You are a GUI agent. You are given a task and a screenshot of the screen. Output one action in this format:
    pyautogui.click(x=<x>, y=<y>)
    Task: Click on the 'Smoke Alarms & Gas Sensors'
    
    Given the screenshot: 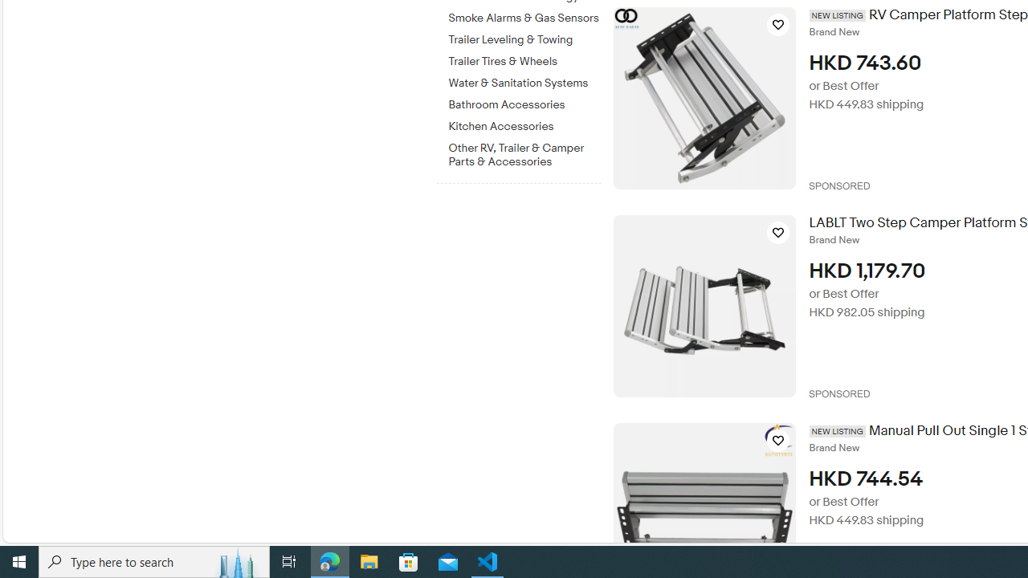 What is the action you would take?
    pyautogui.click(x=524, y=15)
    